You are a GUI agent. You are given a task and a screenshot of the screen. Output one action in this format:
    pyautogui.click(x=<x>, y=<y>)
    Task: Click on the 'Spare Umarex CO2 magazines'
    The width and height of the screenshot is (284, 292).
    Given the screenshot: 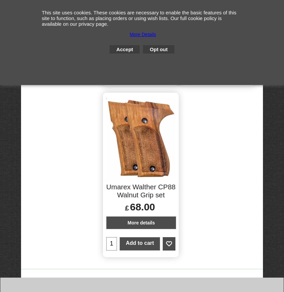 What is the action you would take?
    pyautogui.click(x=217, y=19)
    